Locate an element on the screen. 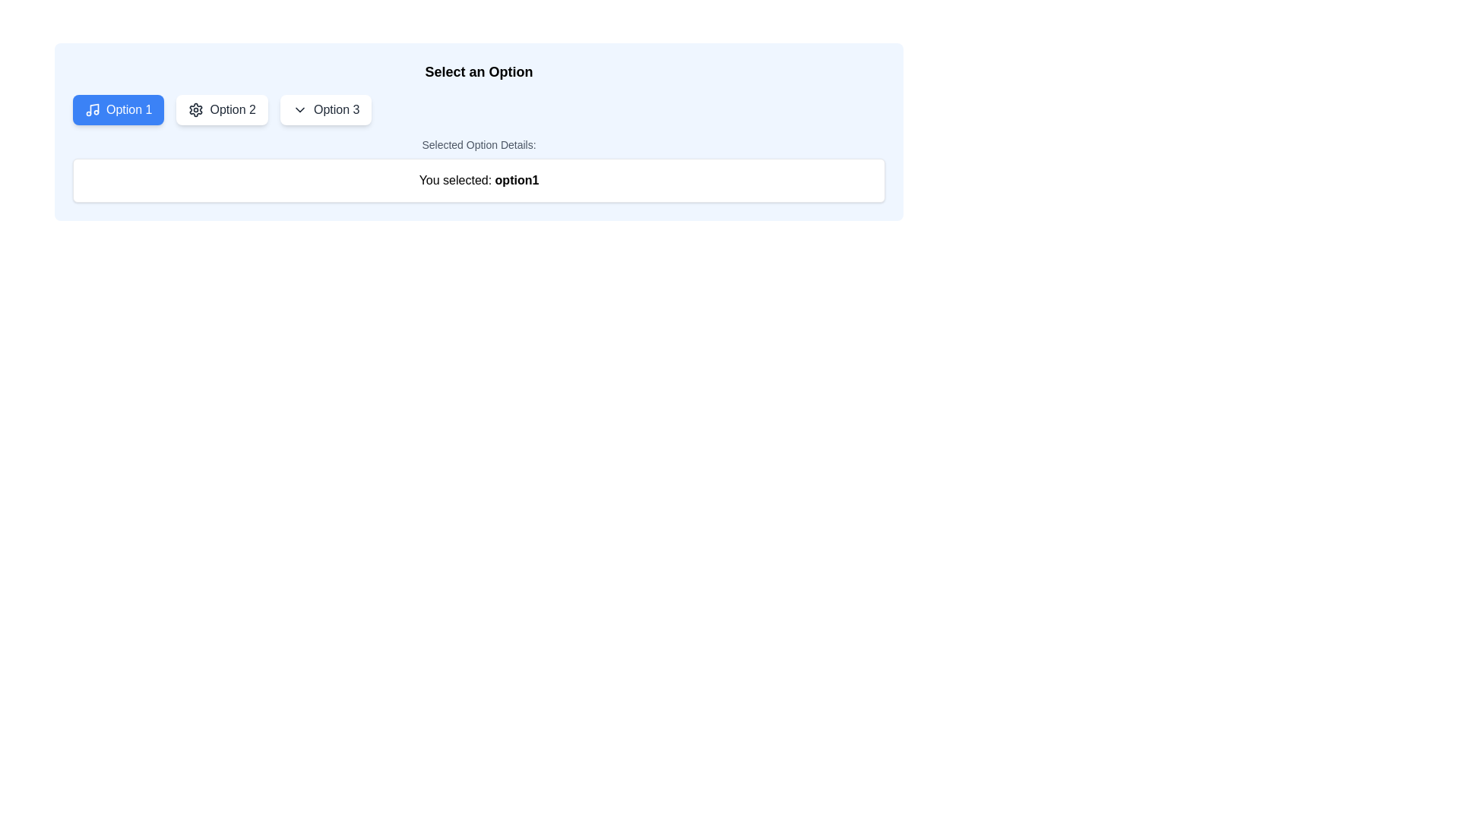 The width and height of the screenshot is (1459, 820). SVG gear icon within the 'Option 2' button for debugging purposes is located at coordinates (195, 109).